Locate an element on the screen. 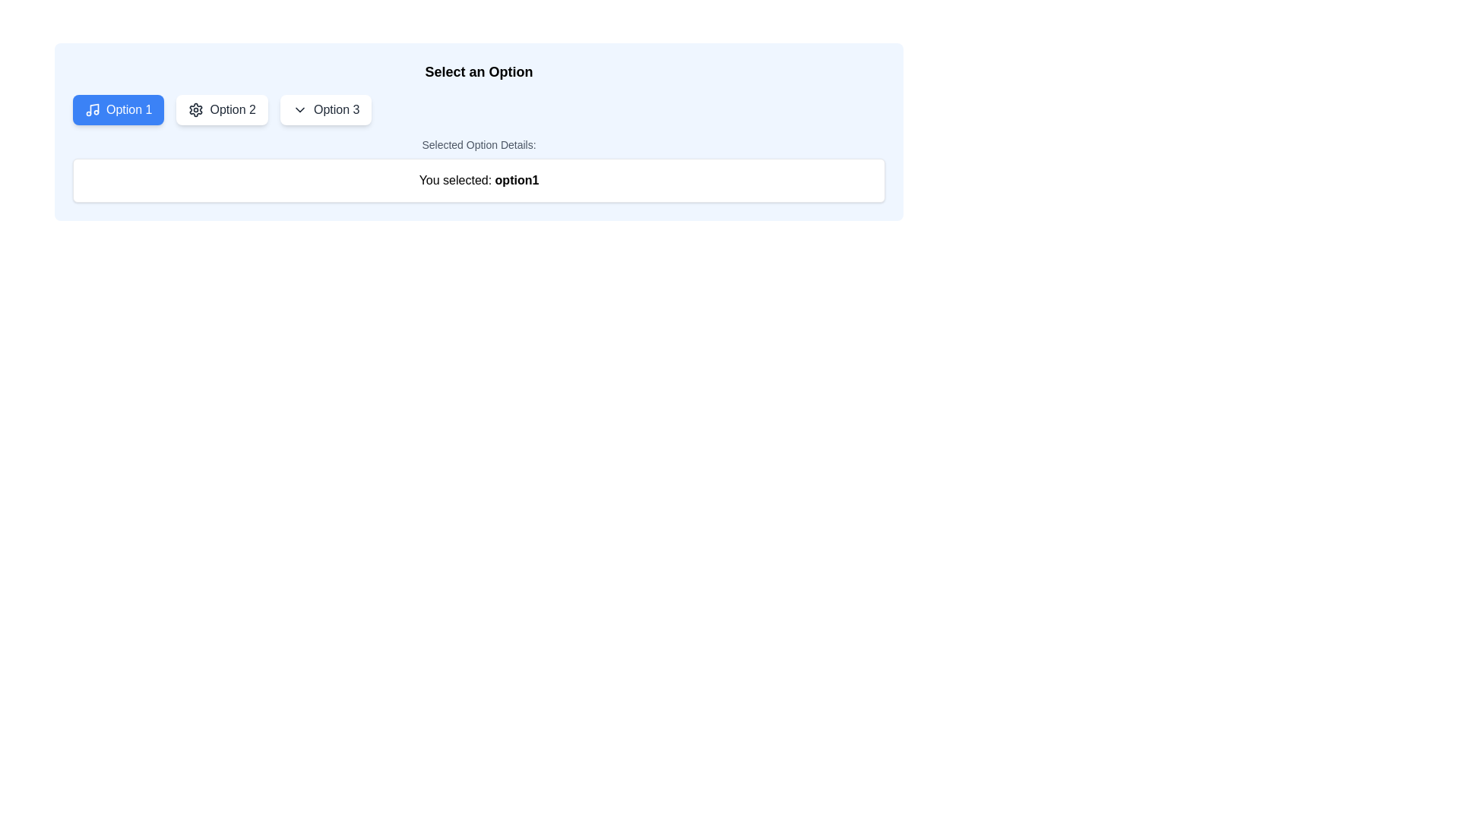 The width and height of the screenshot is (1459, 820). SVG gear icon within the 'Option 2' button for debugging purposes is located at coordinates (195, 109).